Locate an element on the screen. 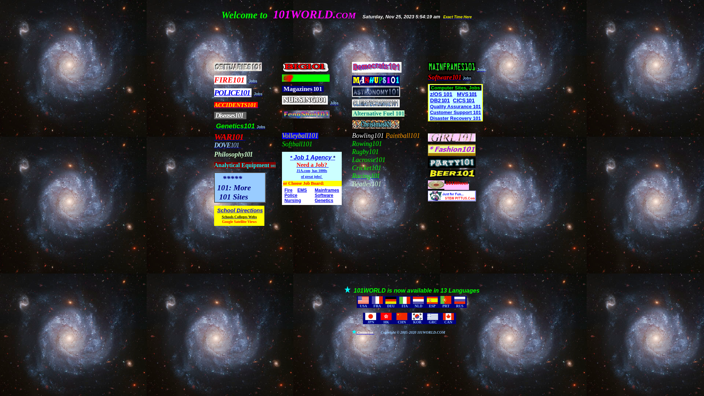  'FRA' is located at coordinates (377, 305).